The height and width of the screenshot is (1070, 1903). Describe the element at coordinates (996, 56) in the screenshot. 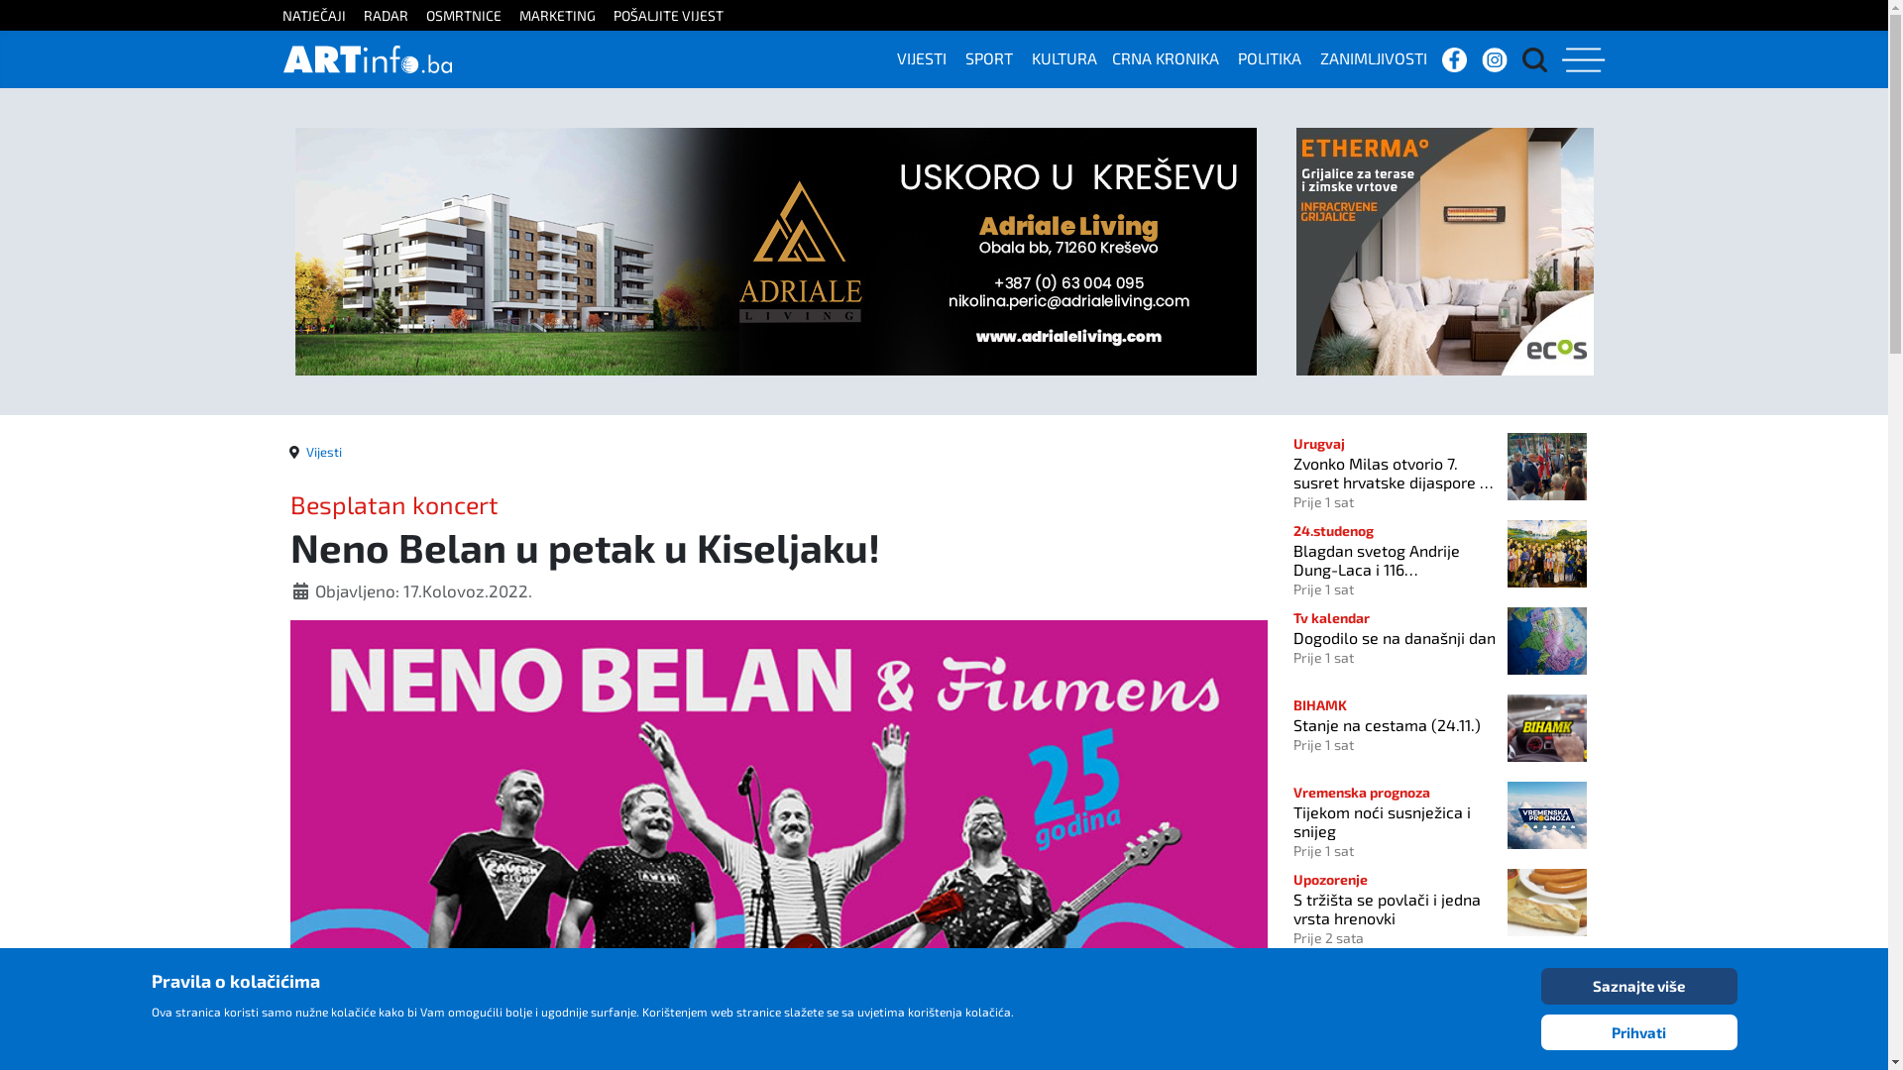

I see `'SPORT'` at that location.